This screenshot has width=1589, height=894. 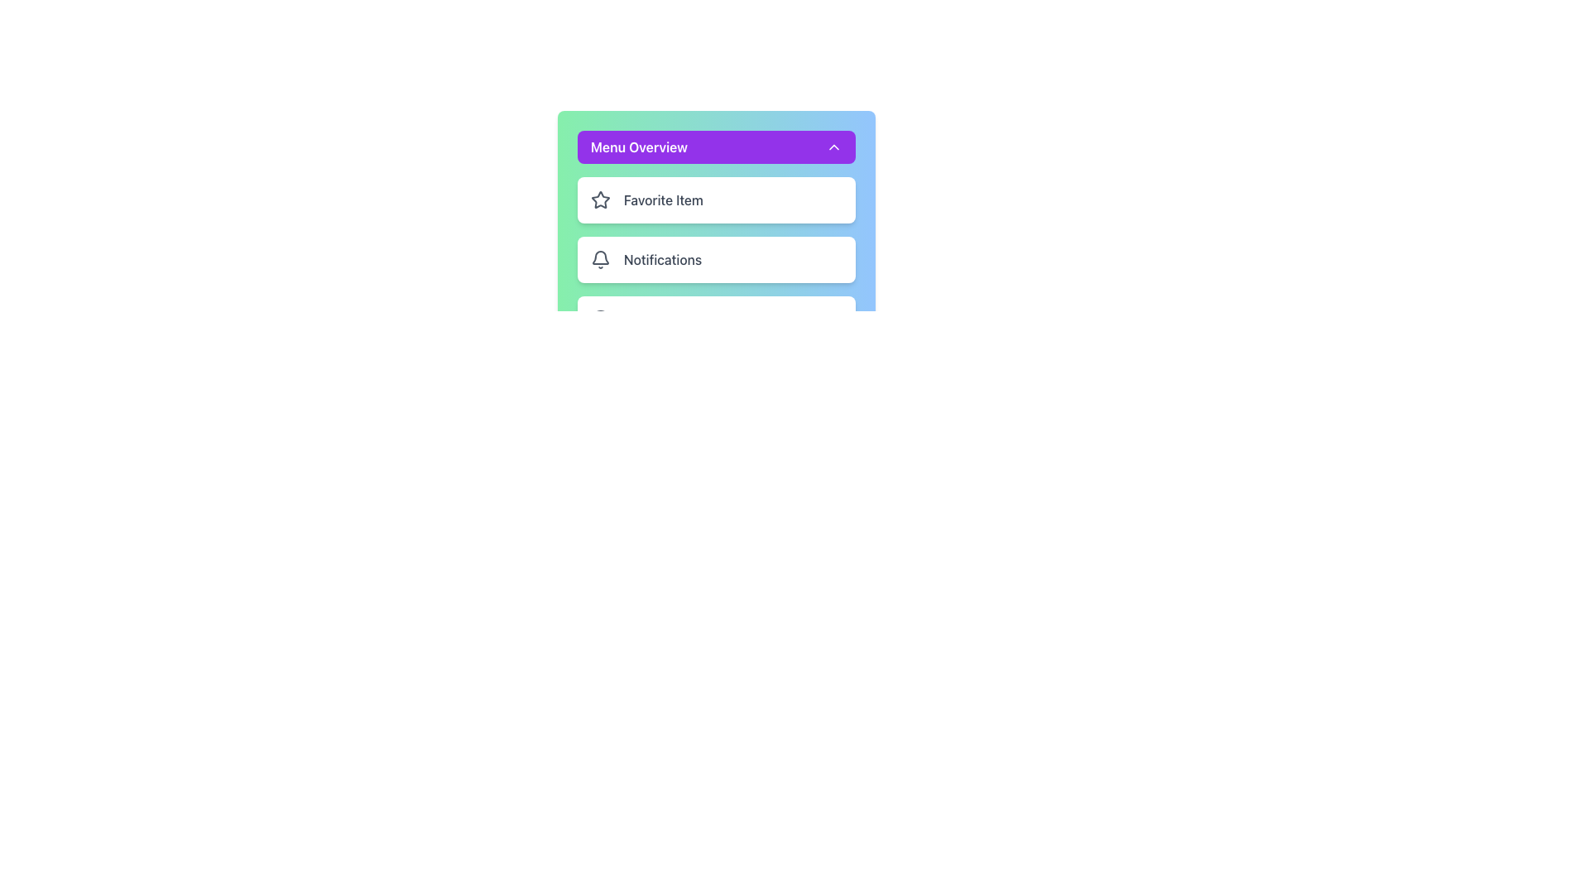 What do you see at coordinates (716, 199) in the screenshot?
I see `the 'Favorite Item' card, which is the first item among three similar elements in the top left area of its group` at bounding box center [716, 199].